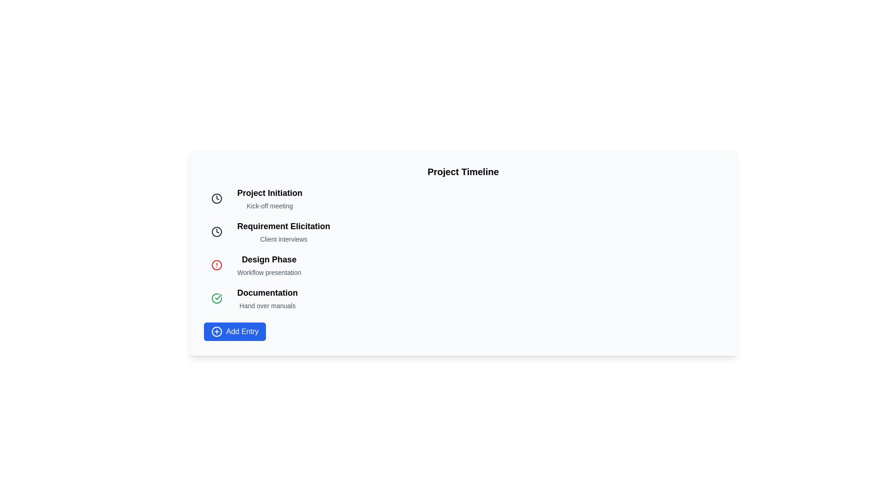  I want to click on Text Label element containing the bold text 'Requirement Elicitation' positioned above 'Client interviews' in the timeline list, so click(283, 226).